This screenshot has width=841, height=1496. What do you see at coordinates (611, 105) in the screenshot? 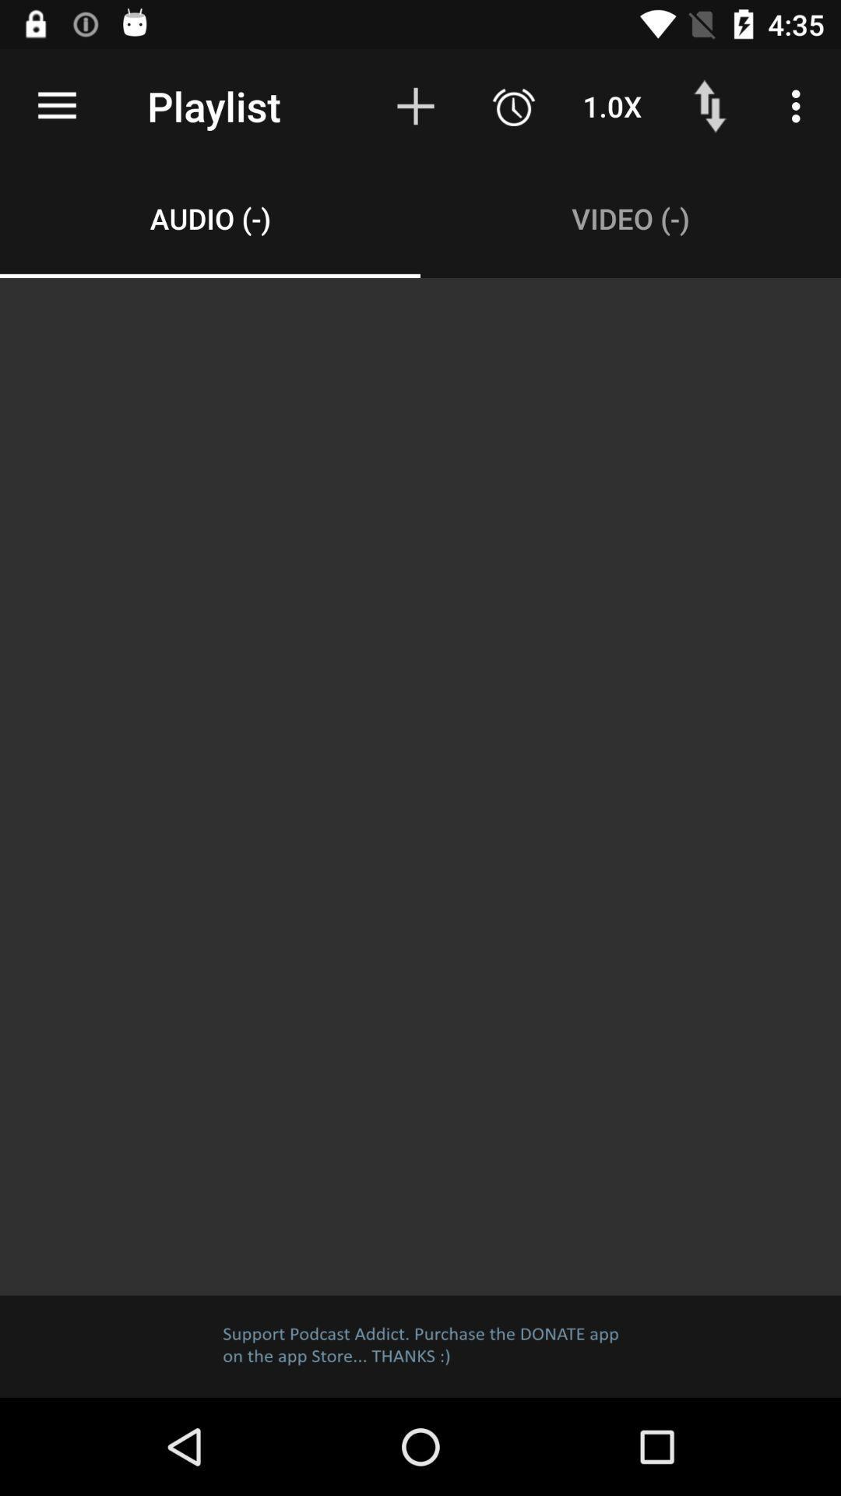
I see `1.0x` at bounding box center [611, 105].